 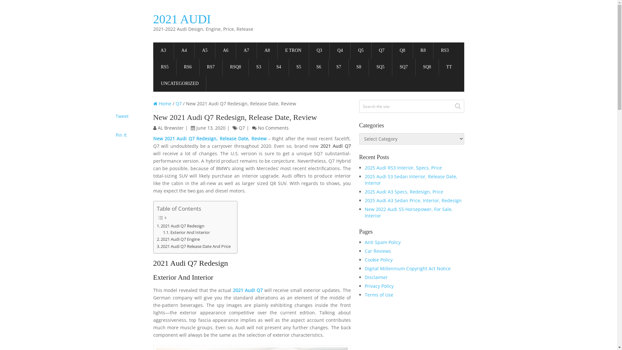 I want to click on 'Q4', so click(x=340, y=50).